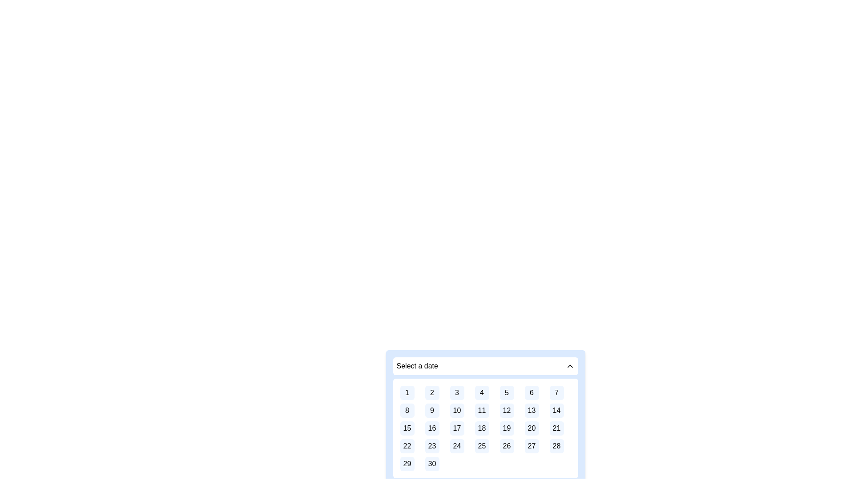  Describe the element at coordinates (432, 464) in the screenshot. I see `the button displaying the number '30' in the date selector component` at that location.